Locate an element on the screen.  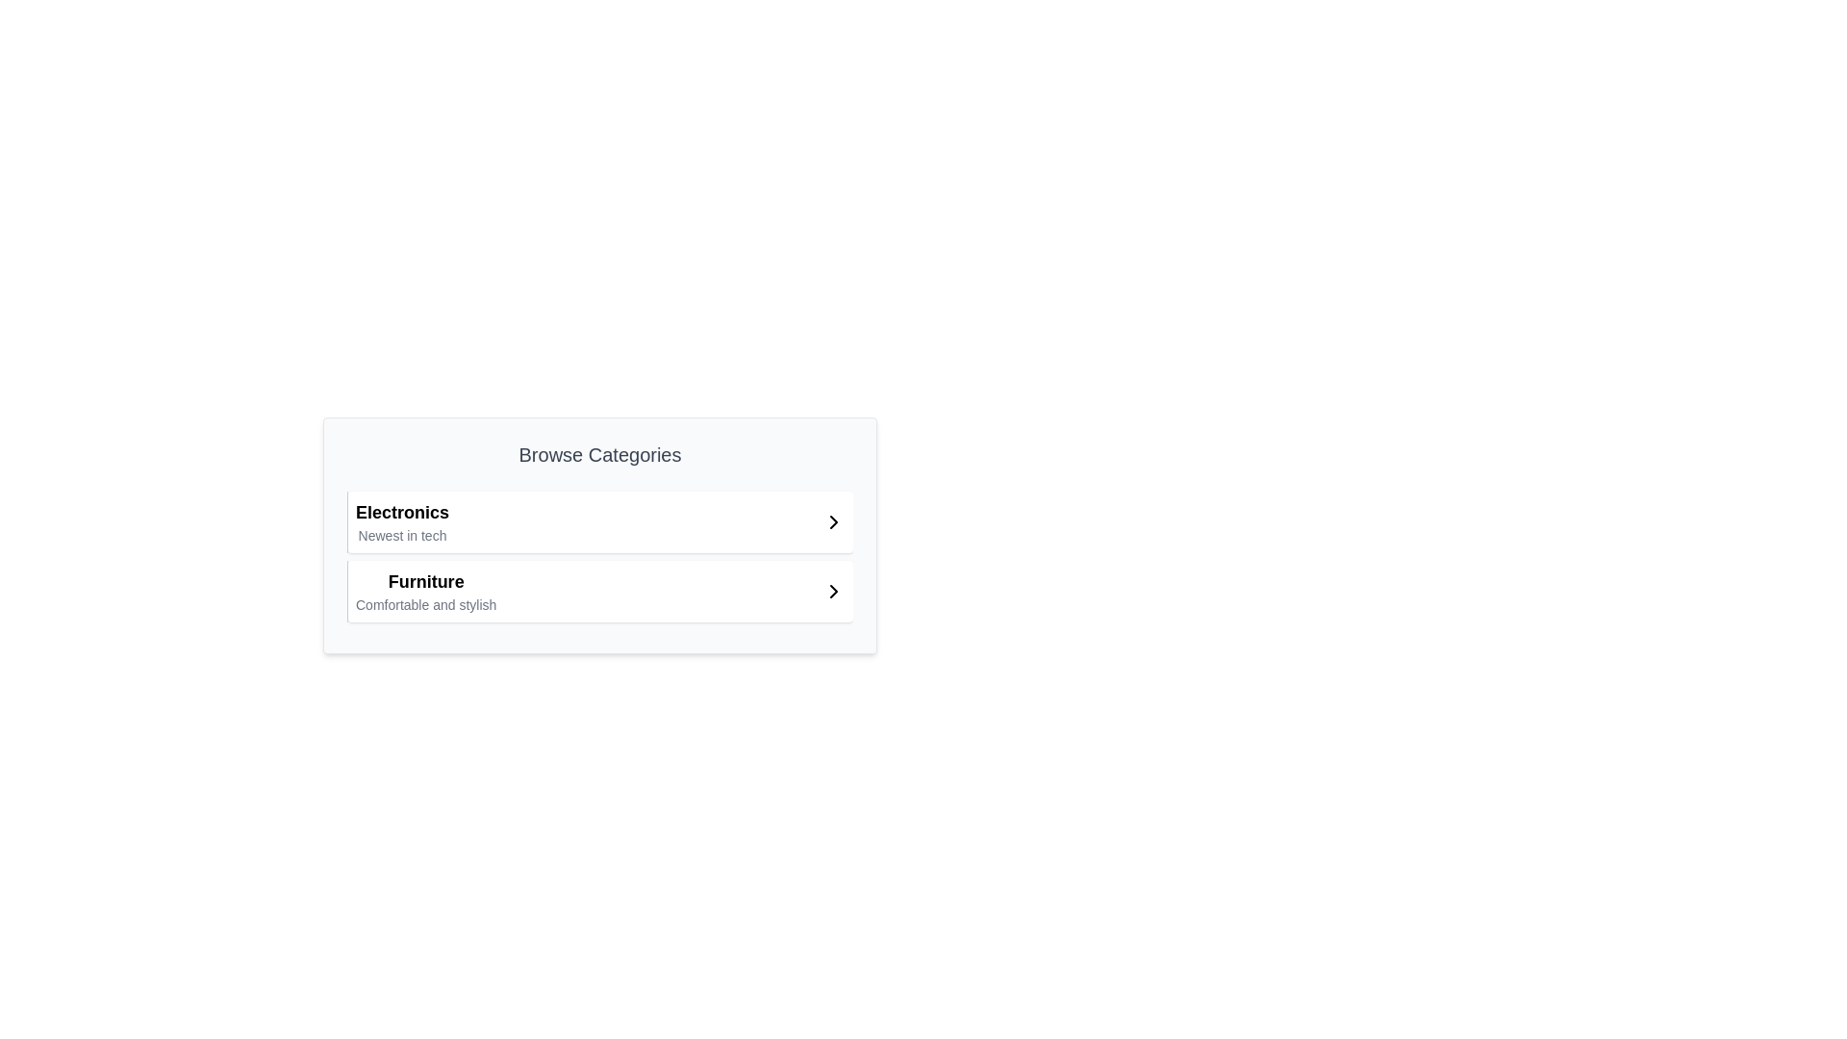
the first item in the 'Browse Categories' section is located at coordinates (599, 522).